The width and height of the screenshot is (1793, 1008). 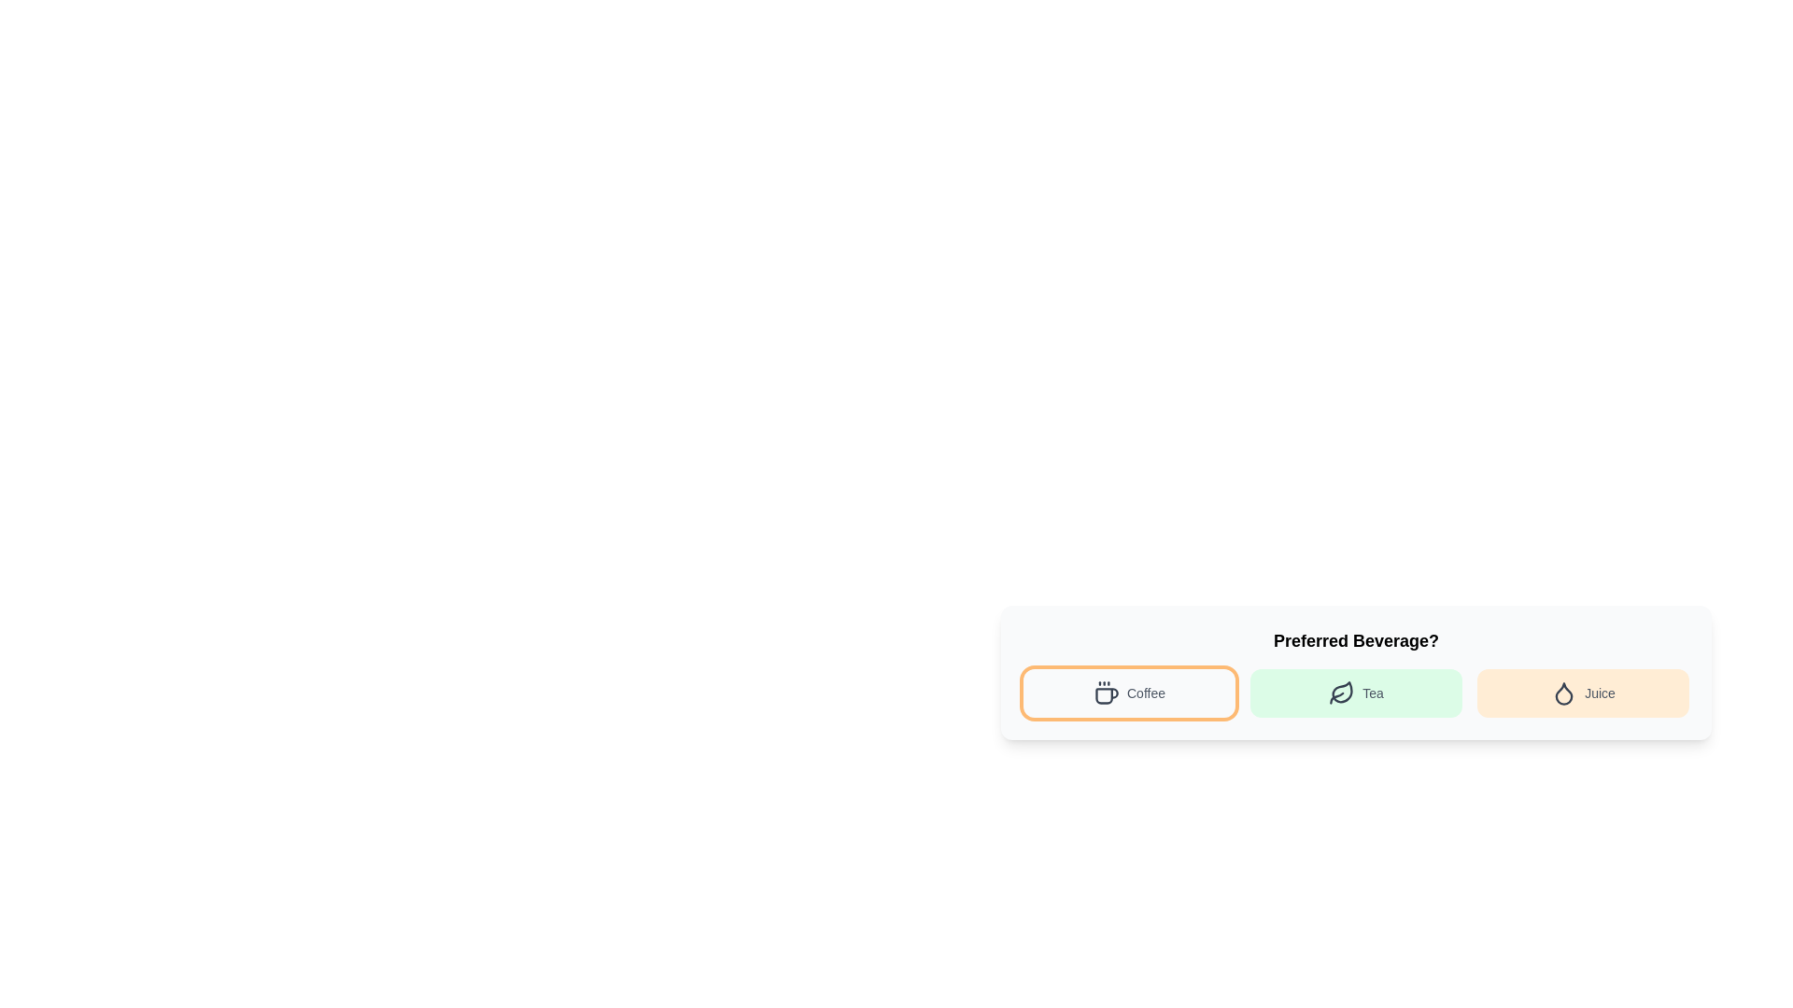 I want to click on the text label 'Juice' located within the beverage selection interface to highlight it and display additional information, so click(x=1599, y=693).